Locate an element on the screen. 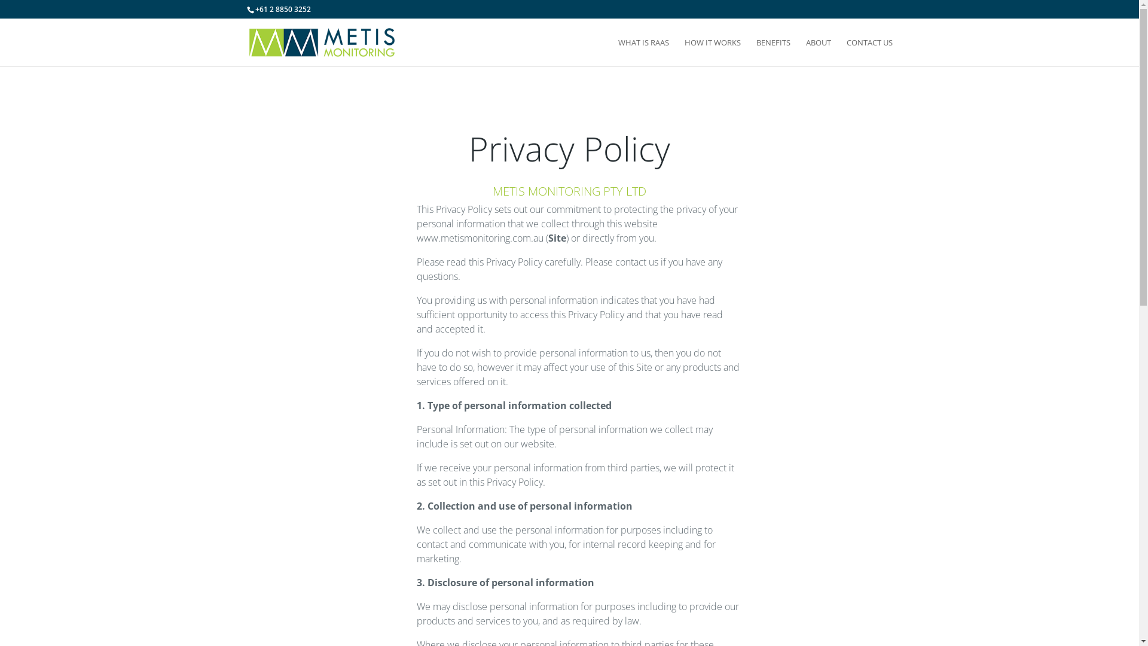 The width and height of the screenshot is (1148, 646). 'HOW IT WORKS' is located at coordinates (712, 51).